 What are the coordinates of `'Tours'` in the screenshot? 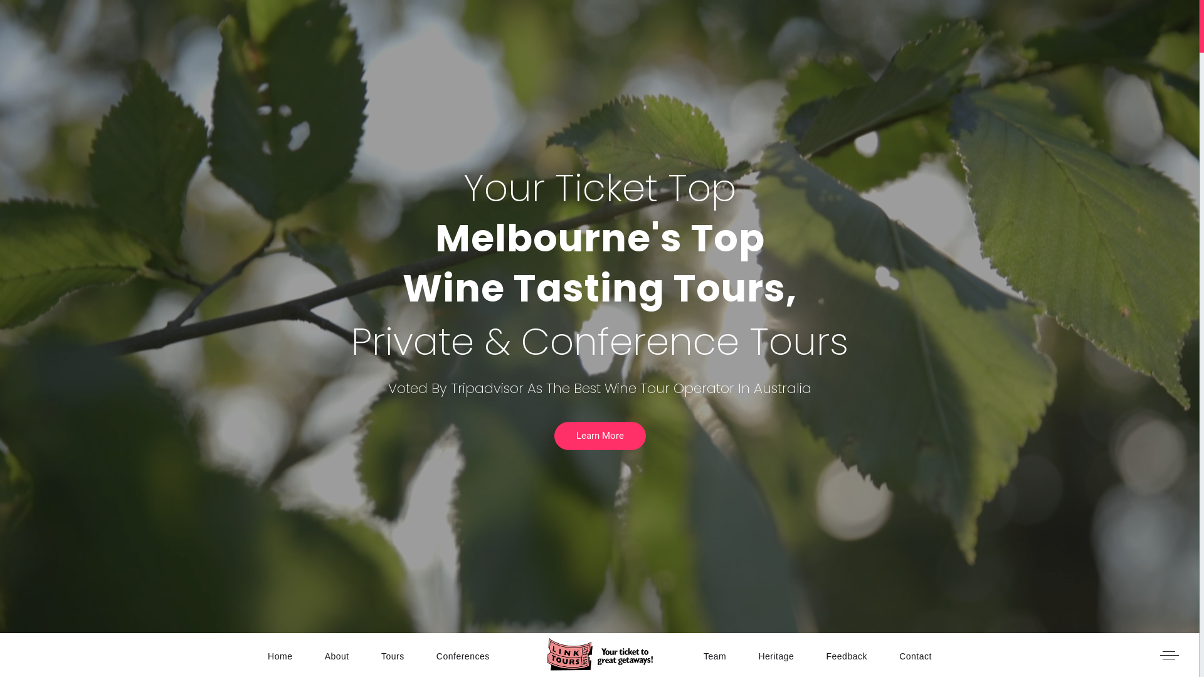 It's located at (381, 654).